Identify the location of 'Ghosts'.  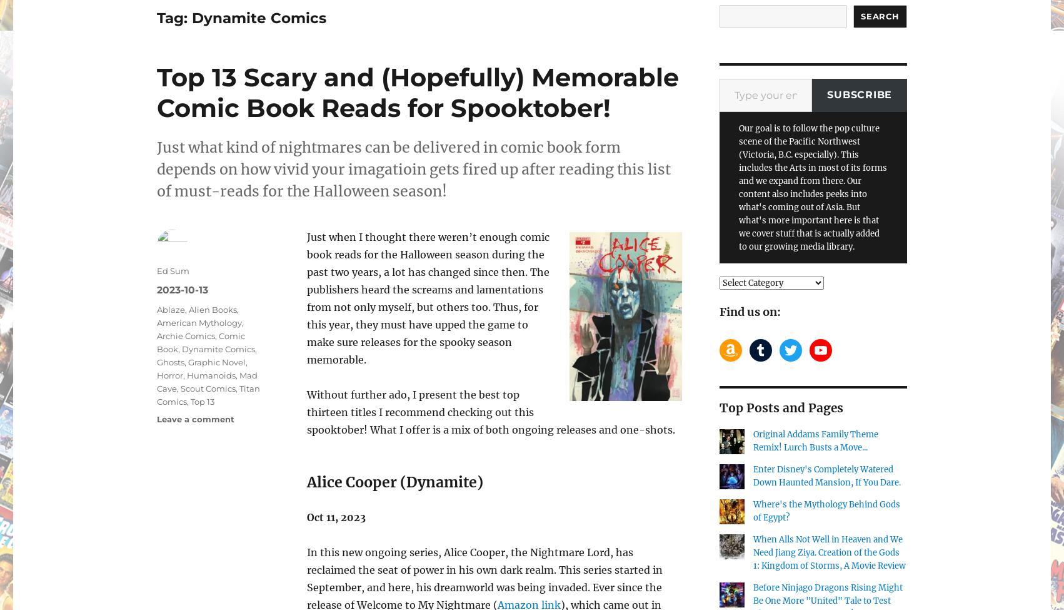
(170, 360).